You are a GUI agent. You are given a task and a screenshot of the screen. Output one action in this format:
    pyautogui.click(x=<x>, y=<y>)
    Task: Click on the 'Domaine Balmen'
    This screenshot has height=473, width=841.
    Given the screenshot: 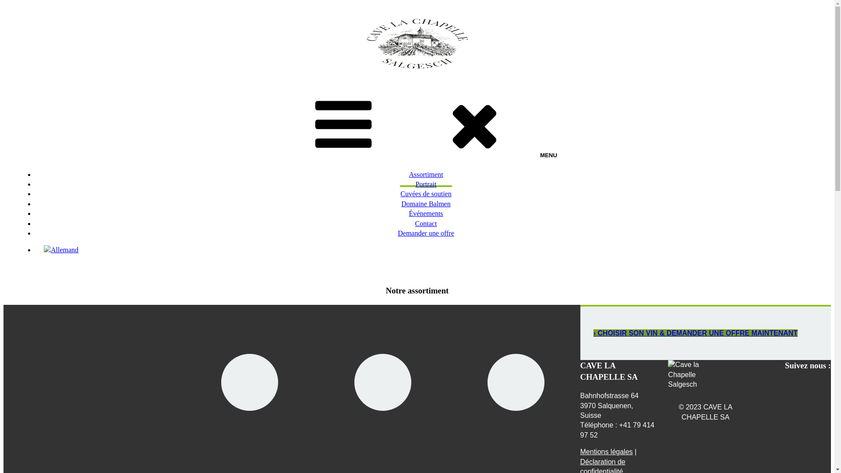 What is the action you would take?
    pyautogui.click(x=425, y=205)
    